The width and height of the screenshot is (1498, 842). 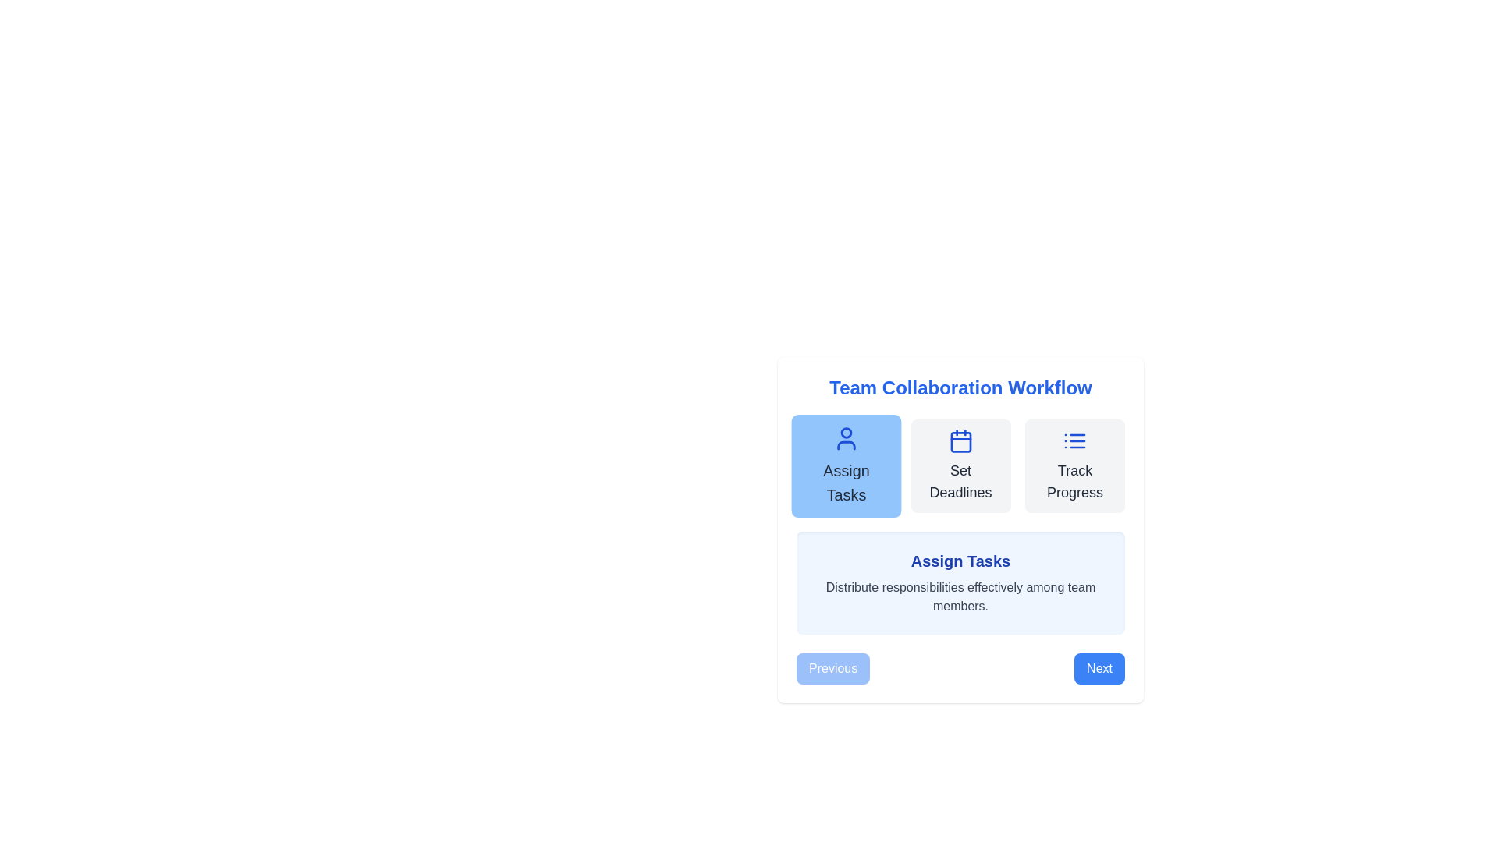 I want to click on the 'Track Progress' button icon, which is a blue SVG graphic with parallel lines, to trigger the tooltip or highlight effect, so click(x=1074, y=441).